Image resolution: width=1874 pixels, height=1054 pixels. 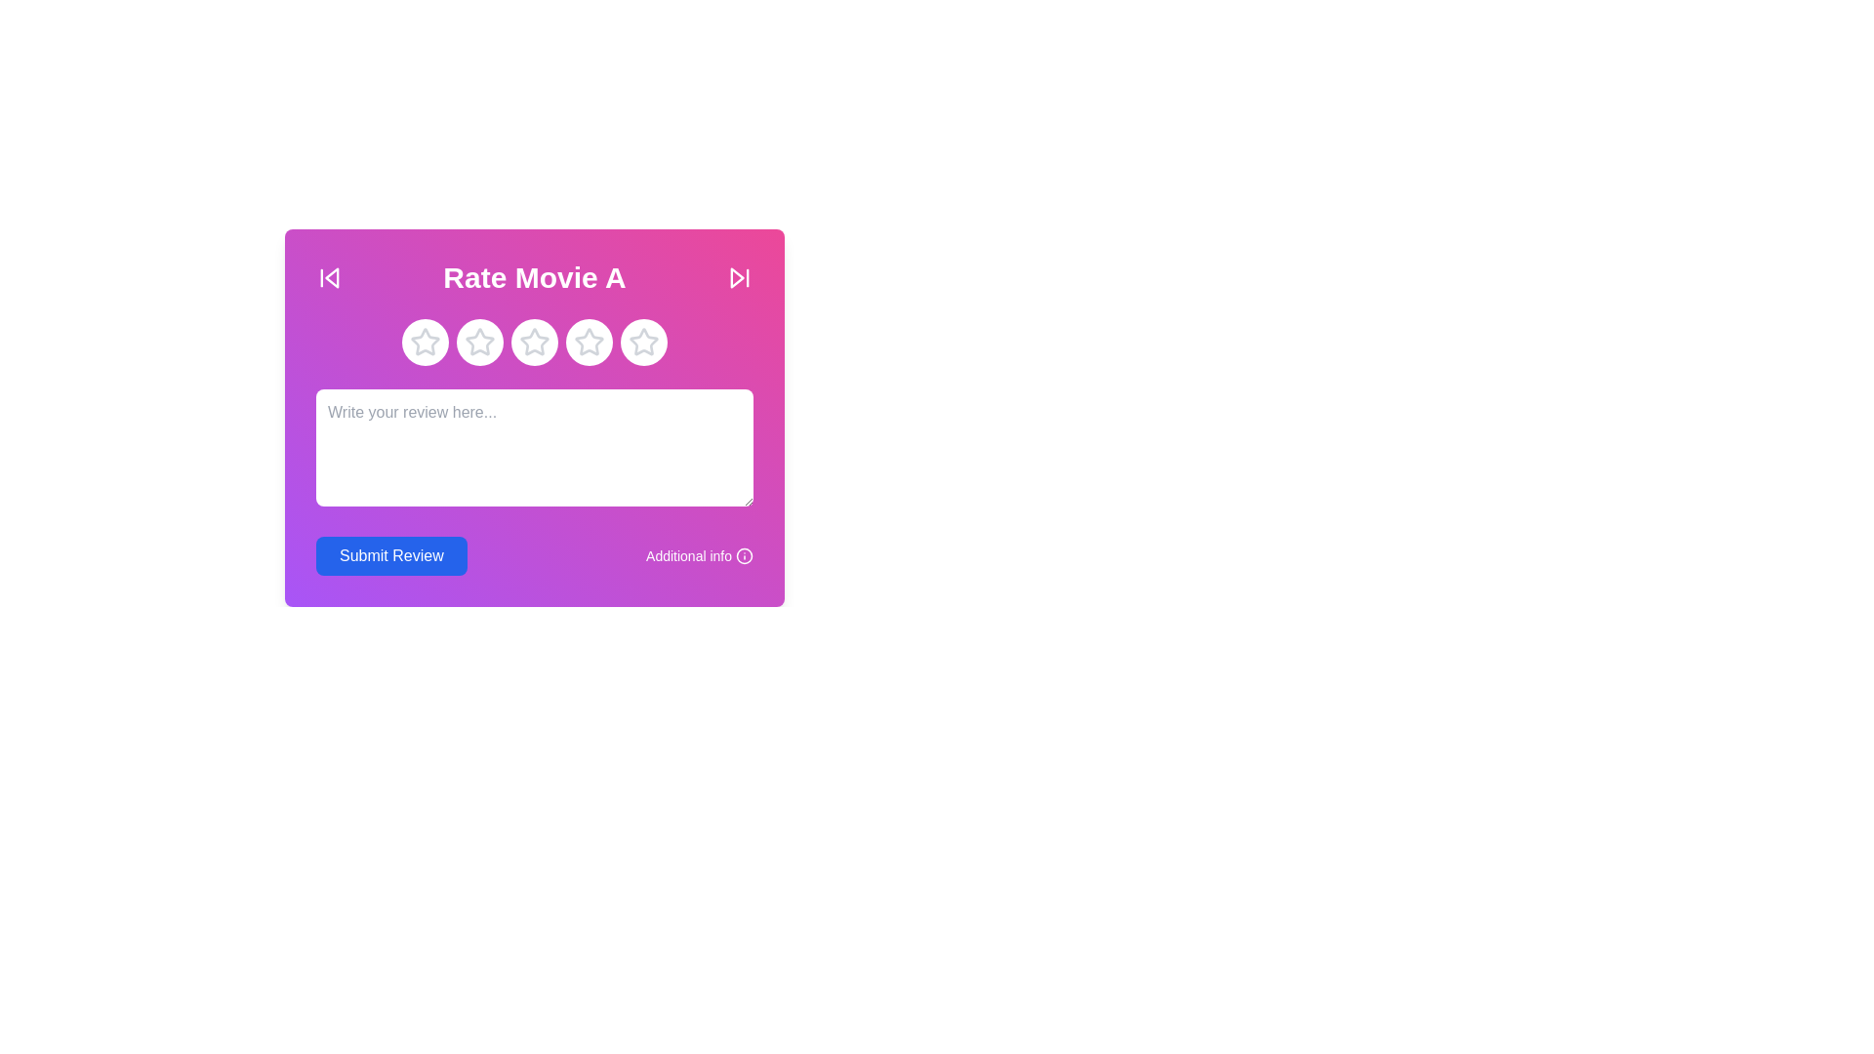 I want to click on the first star icon, so click(x=425, y=341).